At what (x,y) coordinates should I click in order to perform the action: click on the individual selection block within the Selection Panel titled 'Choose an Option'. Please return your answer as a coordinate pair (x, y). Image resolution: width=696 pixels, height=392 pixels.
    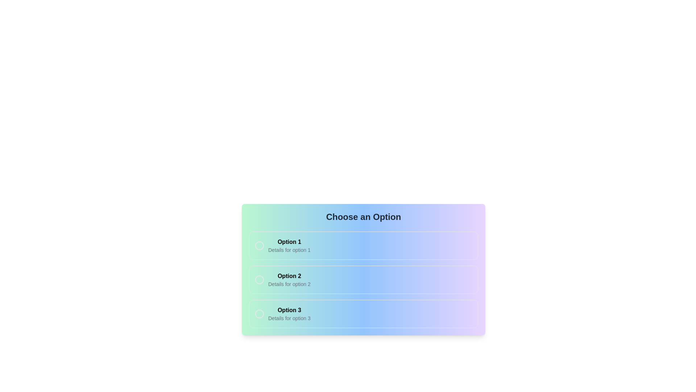
    Looking at the image, I should click on (364, 270).